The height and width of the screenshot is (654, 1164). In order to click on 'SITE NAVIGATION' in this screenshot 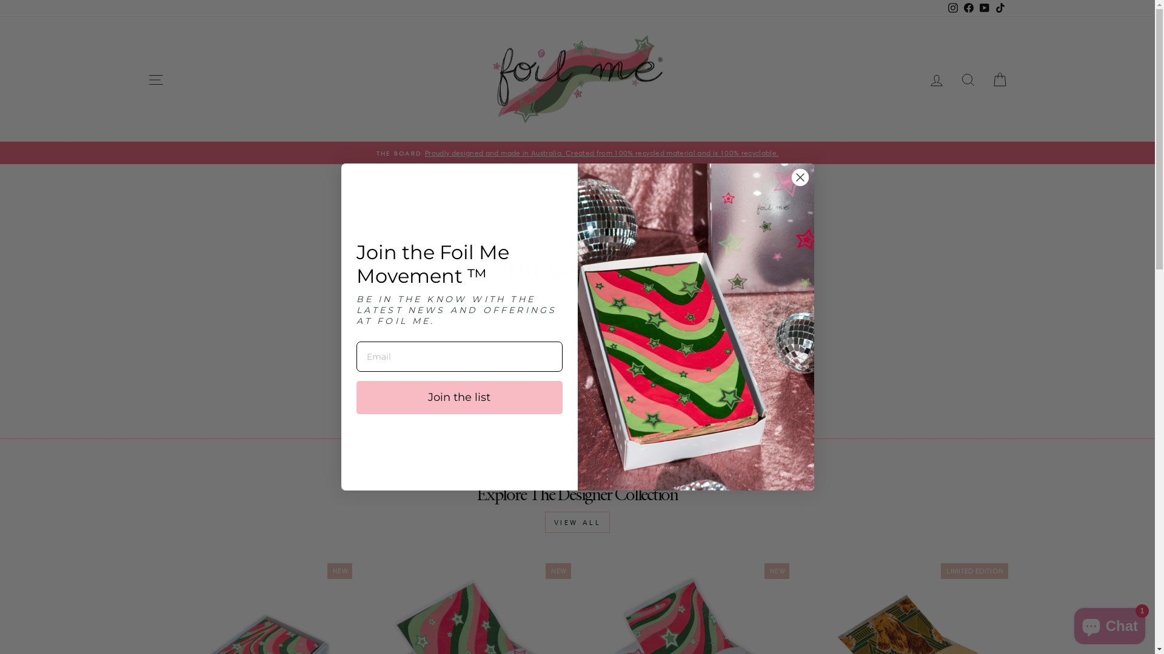, I will do `click(154, 79)`.